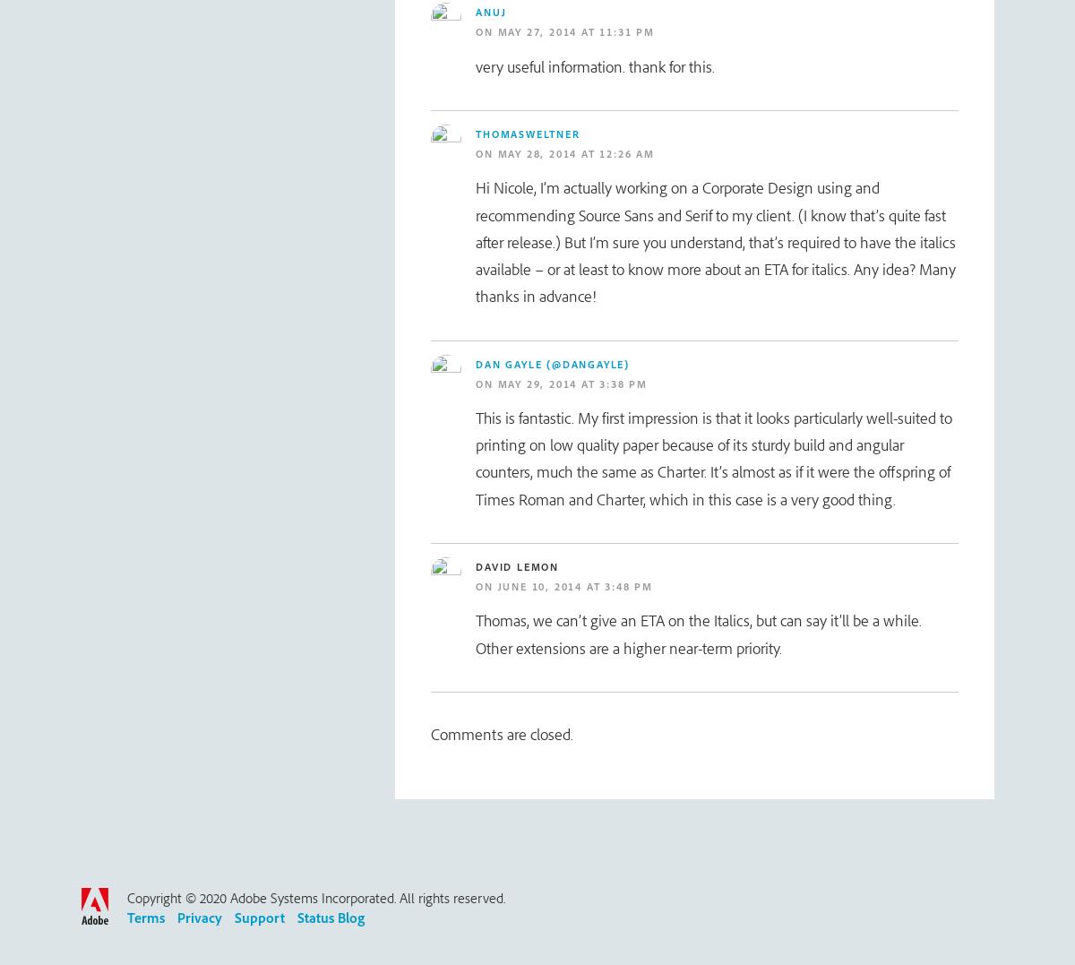  Describe the element at coordinates (259, 916) in the screenshot. I see `'Support'` at that location.